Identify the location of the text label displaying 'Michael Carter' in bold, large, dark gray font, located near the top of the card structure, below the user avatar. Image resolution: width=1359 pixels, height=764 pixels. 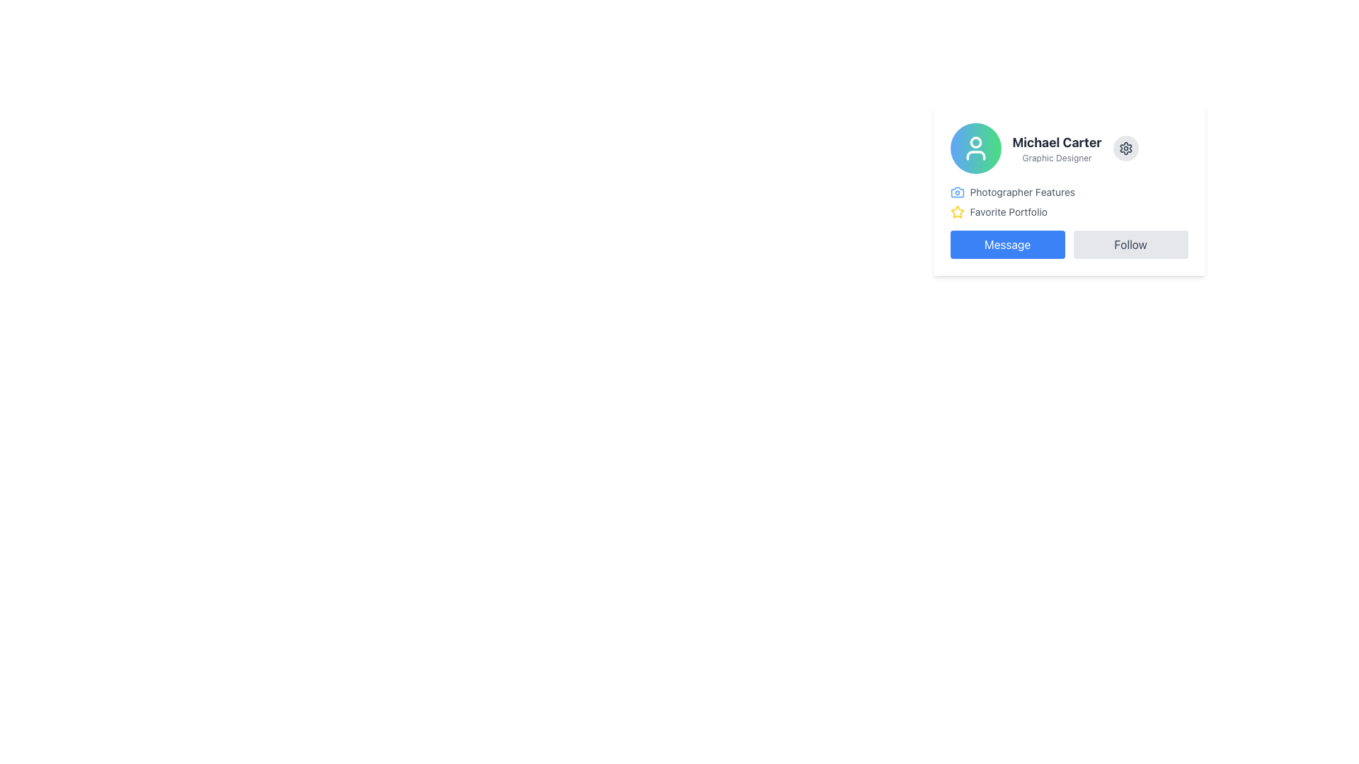
(1057, 142).